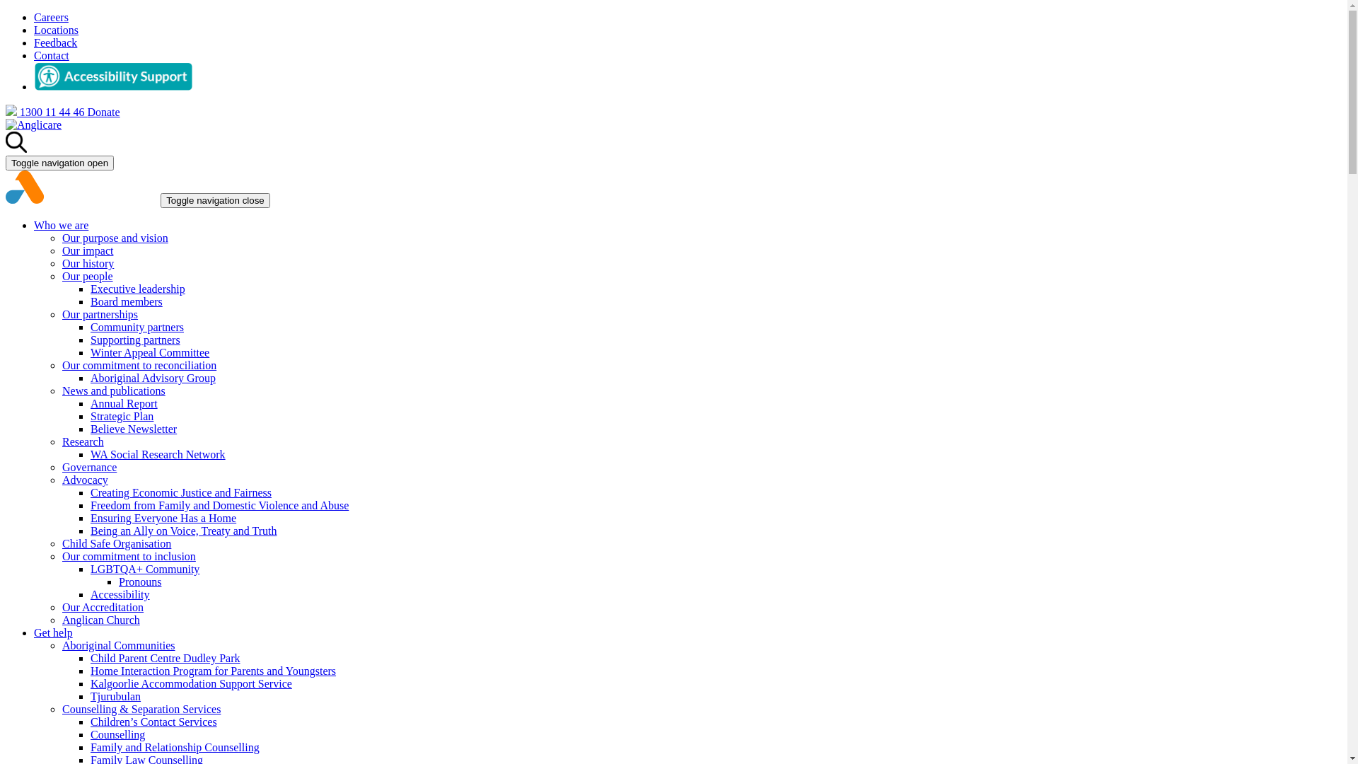 This screenshot has width=1358, height=764. What do you see at coordinates (214, 200) in the screenshot?
I see `'Toggle navigation close'` at bounding box center [214, 200].